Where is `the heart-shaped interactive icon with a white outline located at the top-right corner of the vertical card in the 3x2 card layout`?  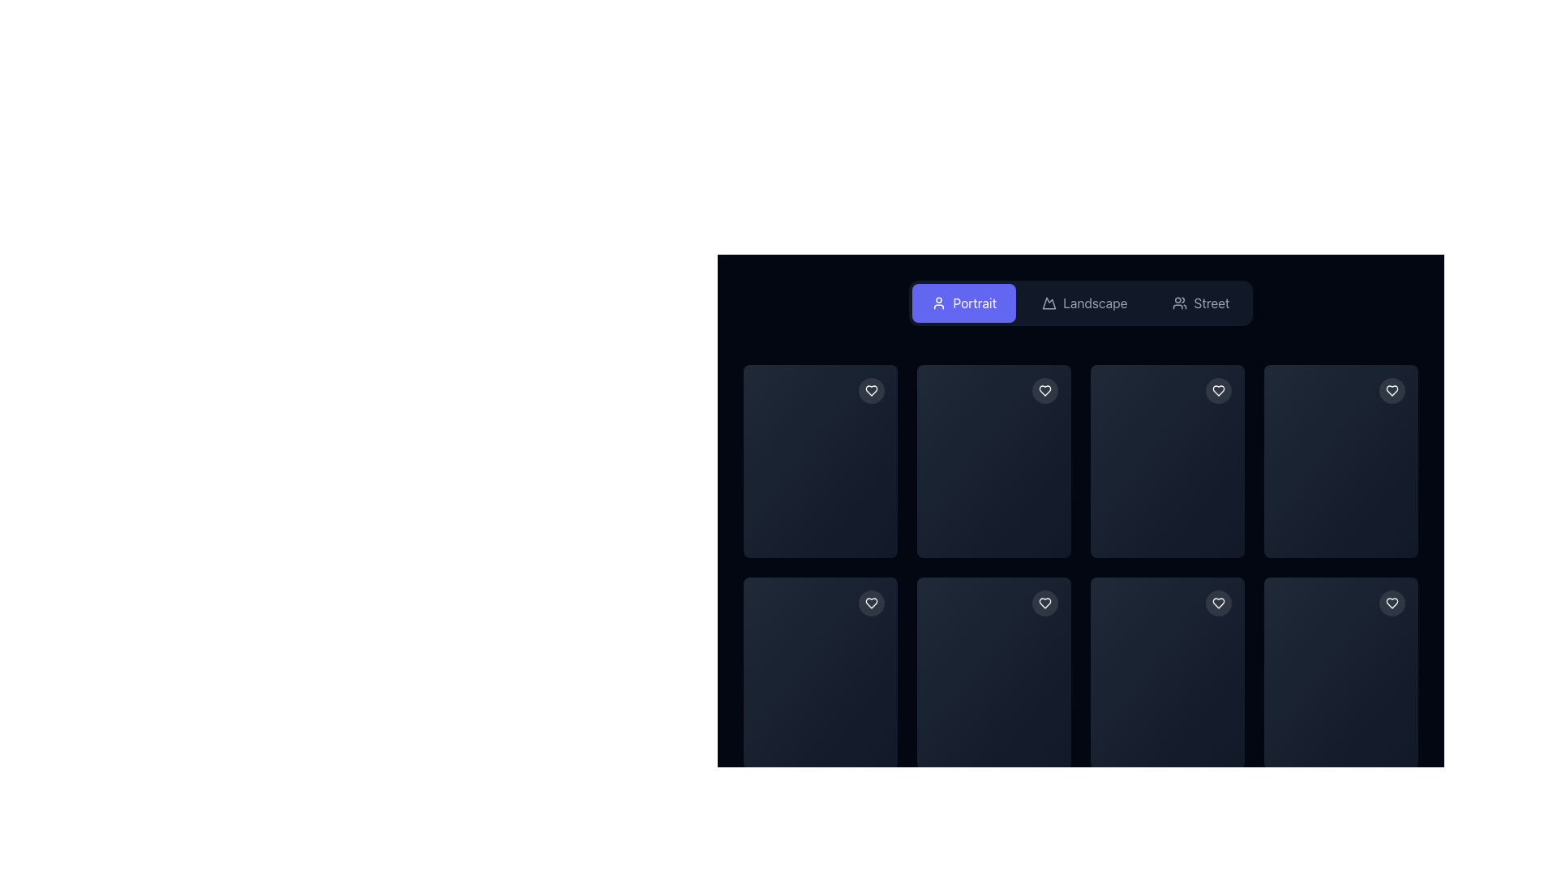 the heart-shaped interactive icon with a white outline located at the top-right corner of the vertical card in the 3x2 card layout is located at coordinates (1218, 603).